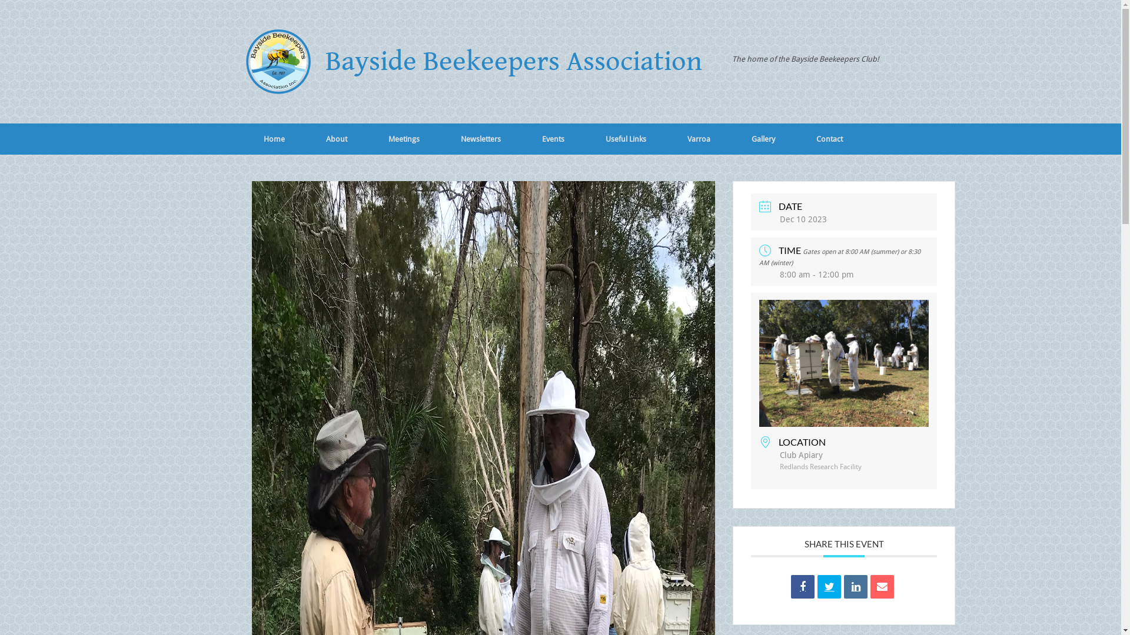 The width and height of the screenshot is (1130, 635). I want to click on 'Gallery', so click(763, 138).